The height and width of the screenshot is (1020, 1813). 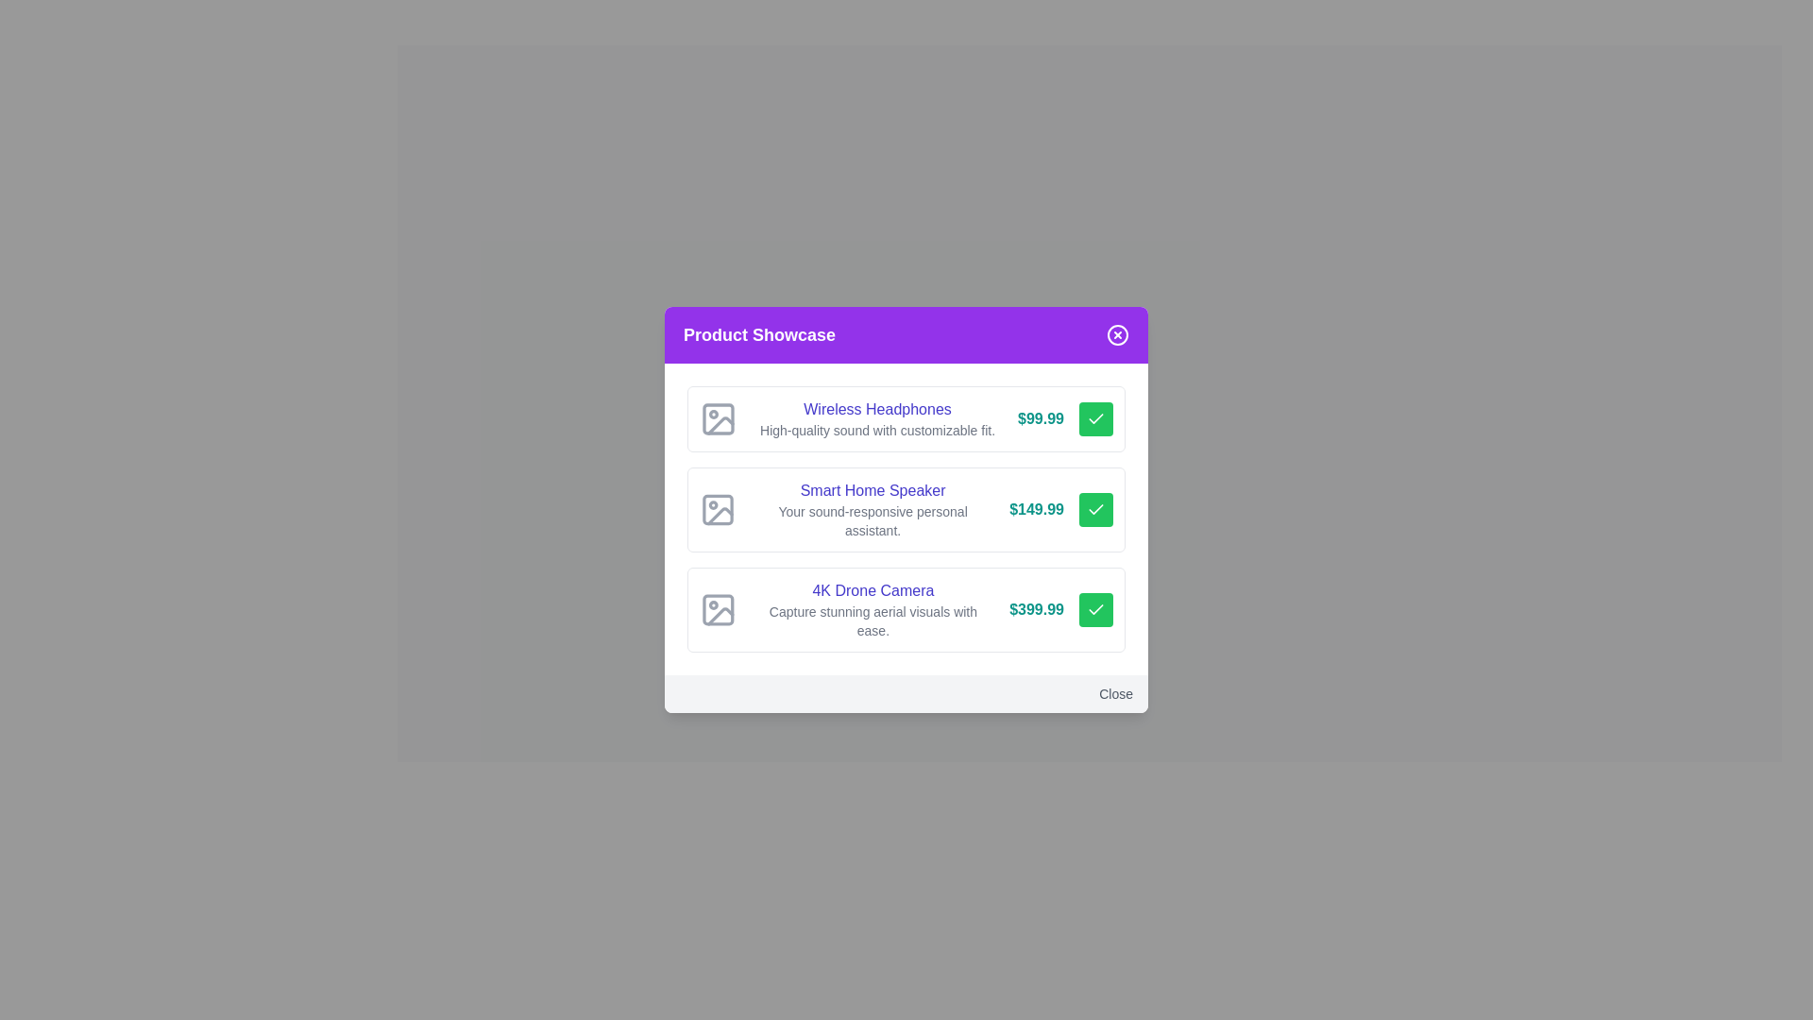 What do you see at coordinates (1096, 508) in the screenshot?
I see `the checkmark icon represented in white on a green circular background, which is part of the 'Smart Home Speaker' product entry in the modal dialog` at bounding box center [1096, 508].